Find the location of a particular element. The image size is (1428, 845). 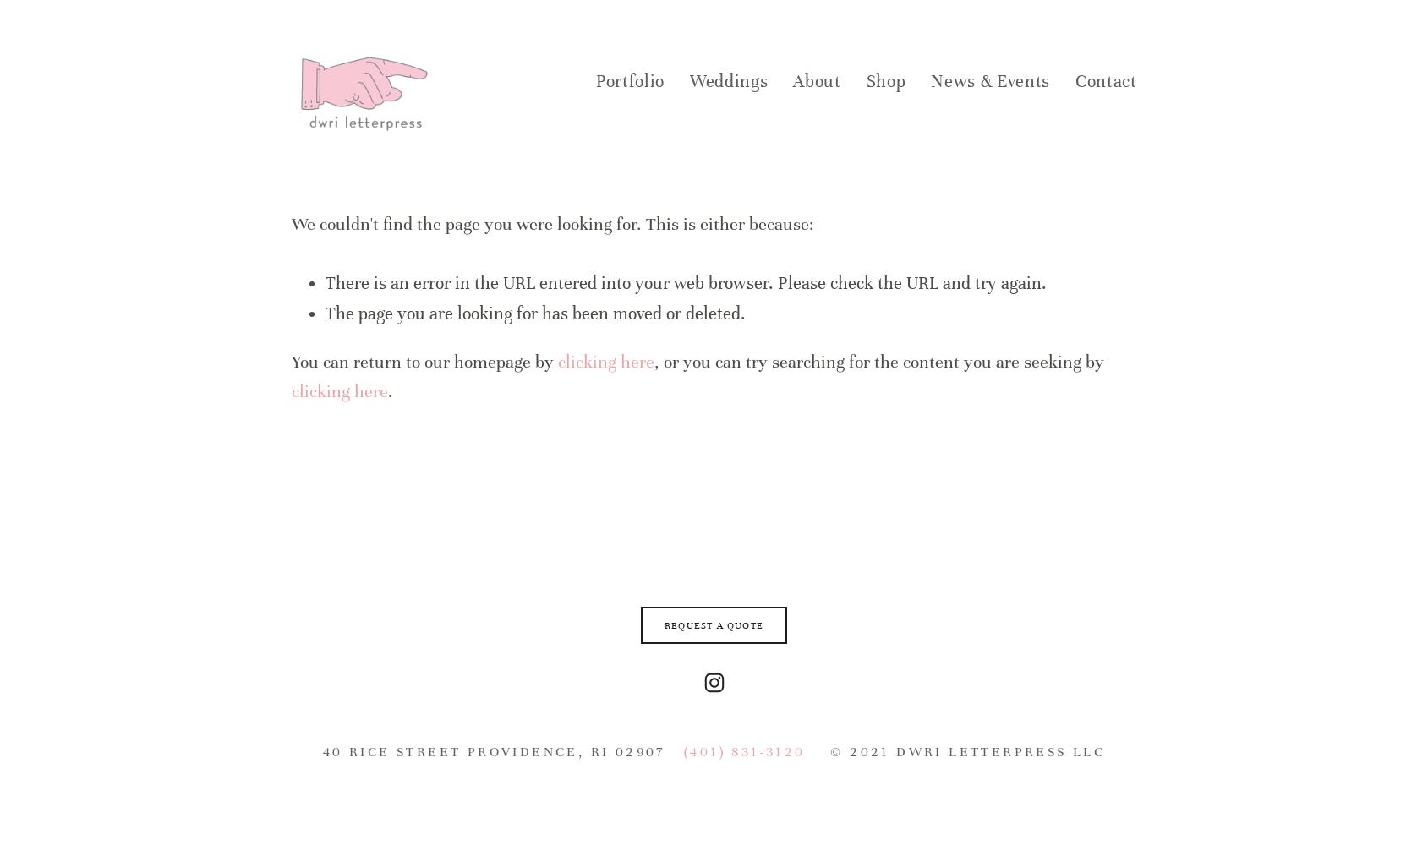

'request a quote' is located at coordinates (713, 624).